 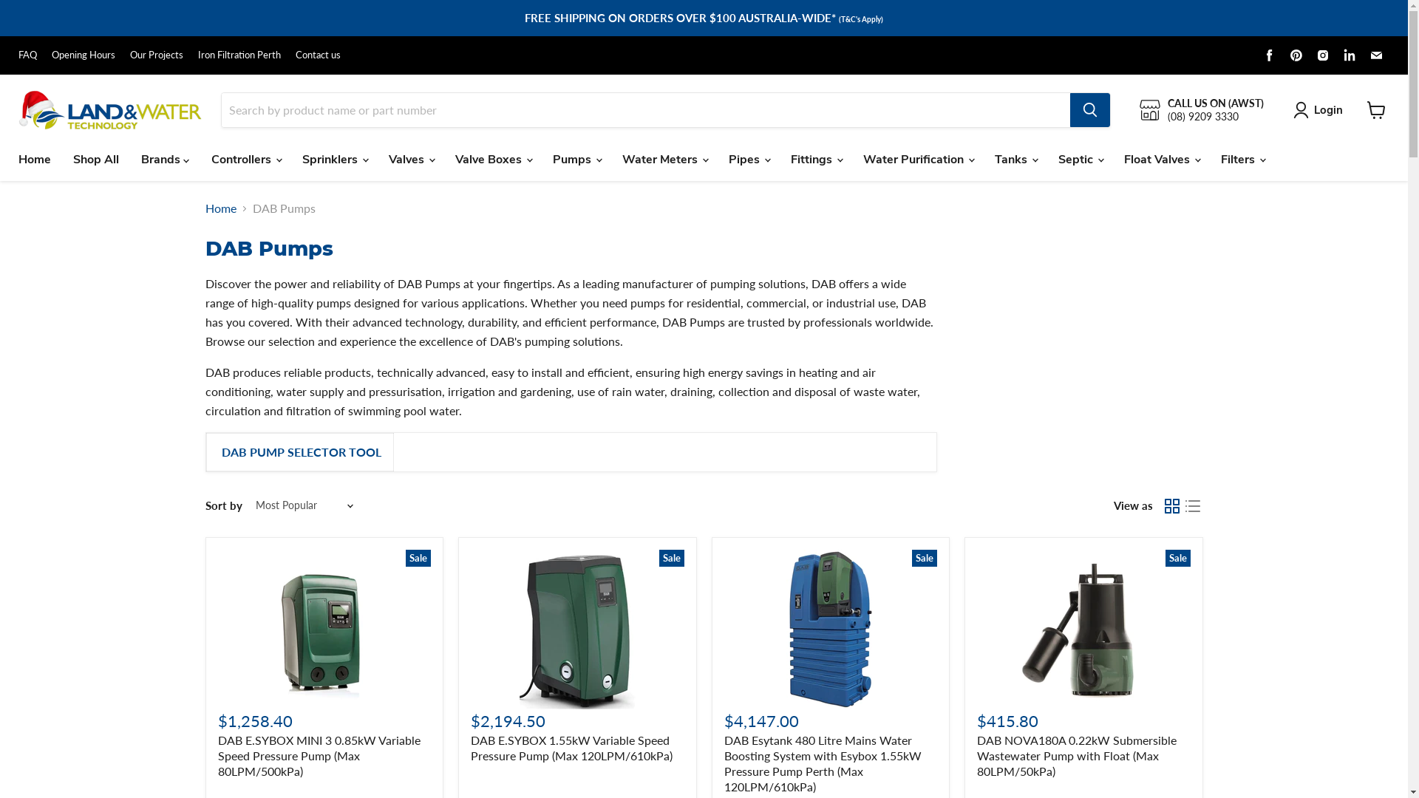 What do you see at coordinates (1269, 53) in the screenshot?
I see `'Find us on Facebook'` at bounding box center [1269, 53].